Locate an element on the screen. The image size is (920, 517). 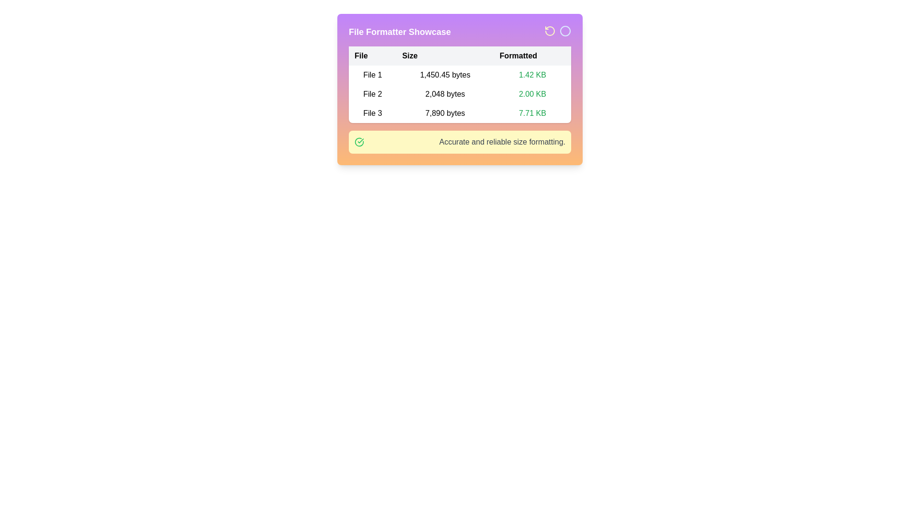
information displayed in the second row of the file information table, which includes 'File 2', '2,048 bytes', and '2.00 KB' is located at coordinates (460, 94).